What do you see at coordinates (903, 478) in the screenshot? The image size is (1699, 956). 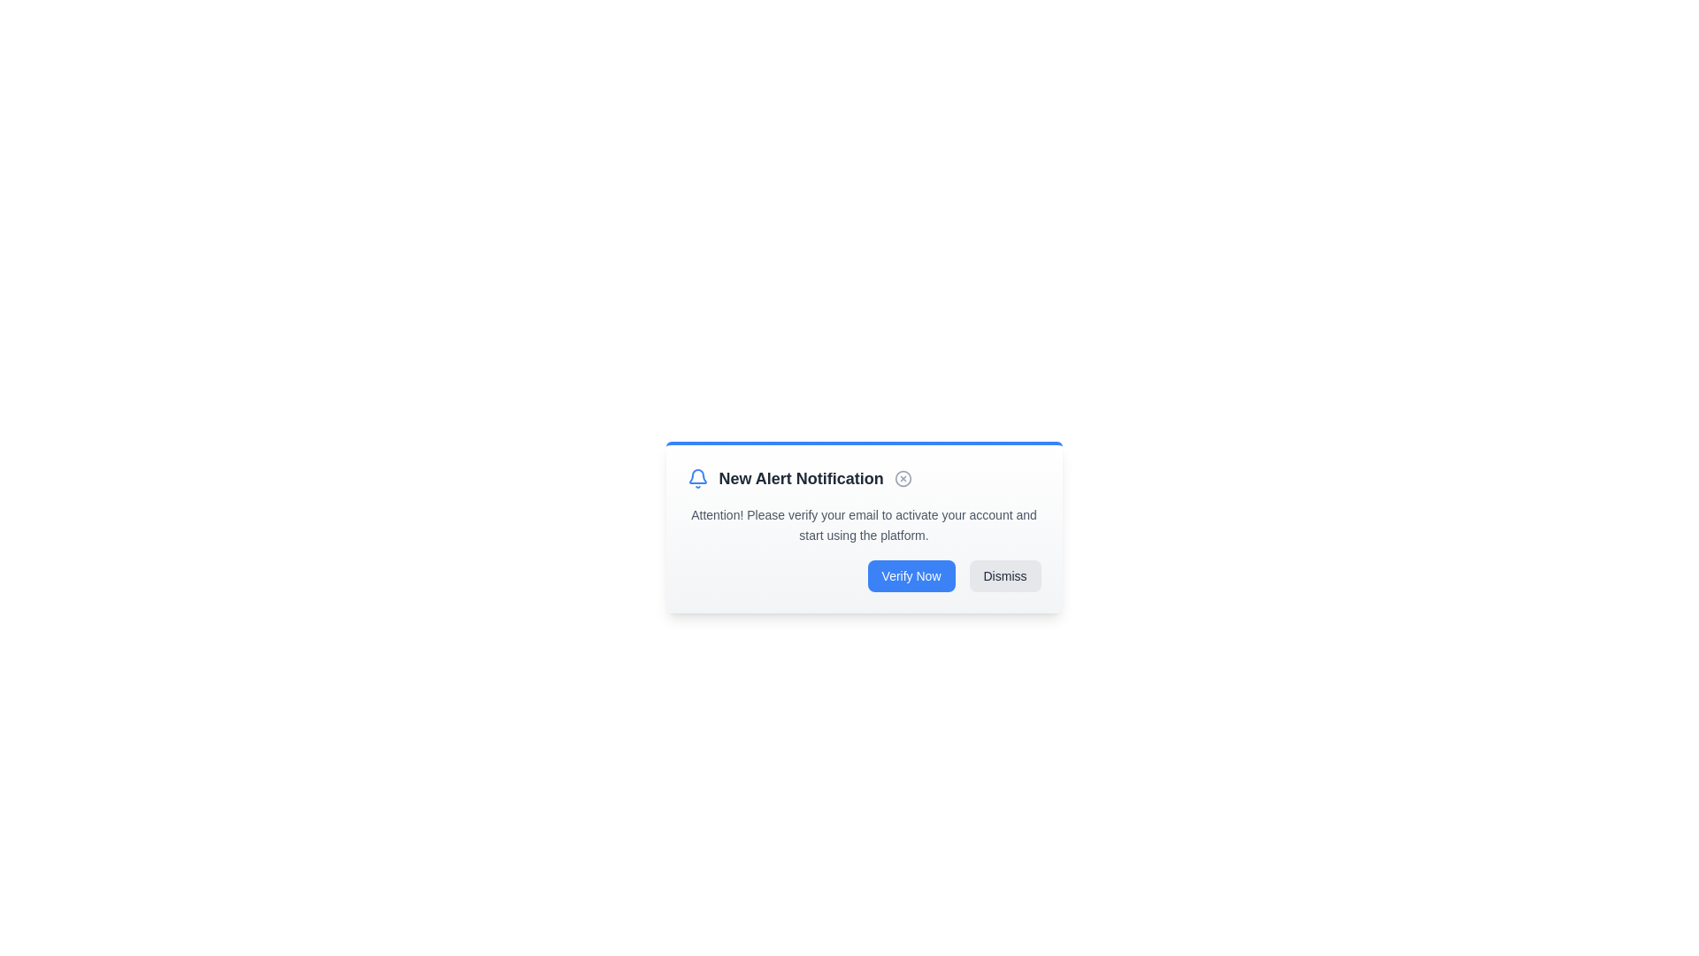 I see `the circular icon with a gray border and a white background containing a small gray 'X'` at bounding box center [903, 478].